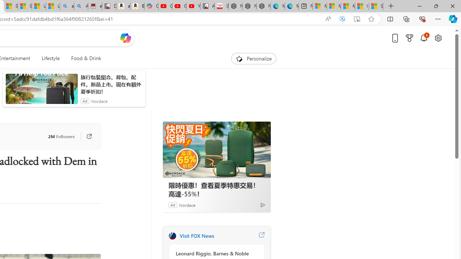 Image resolution: width=461 pixels, height=259 pixels. What do you see at coordinates (179, 6) in the screenshot?
I see `'Gloom - YouTube'` at bounding box center [179, 6].